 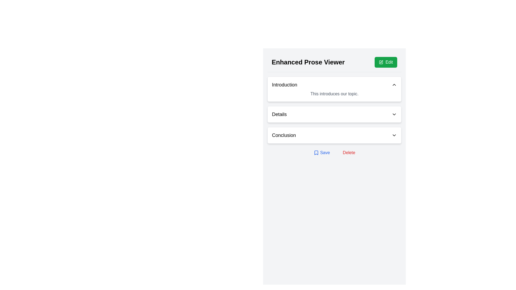 What do you see at coordinates (316, 153) in the screenshot?
I see `the bookmark icon located in the top-right corner of the interface` at bounding box center [316, 153].